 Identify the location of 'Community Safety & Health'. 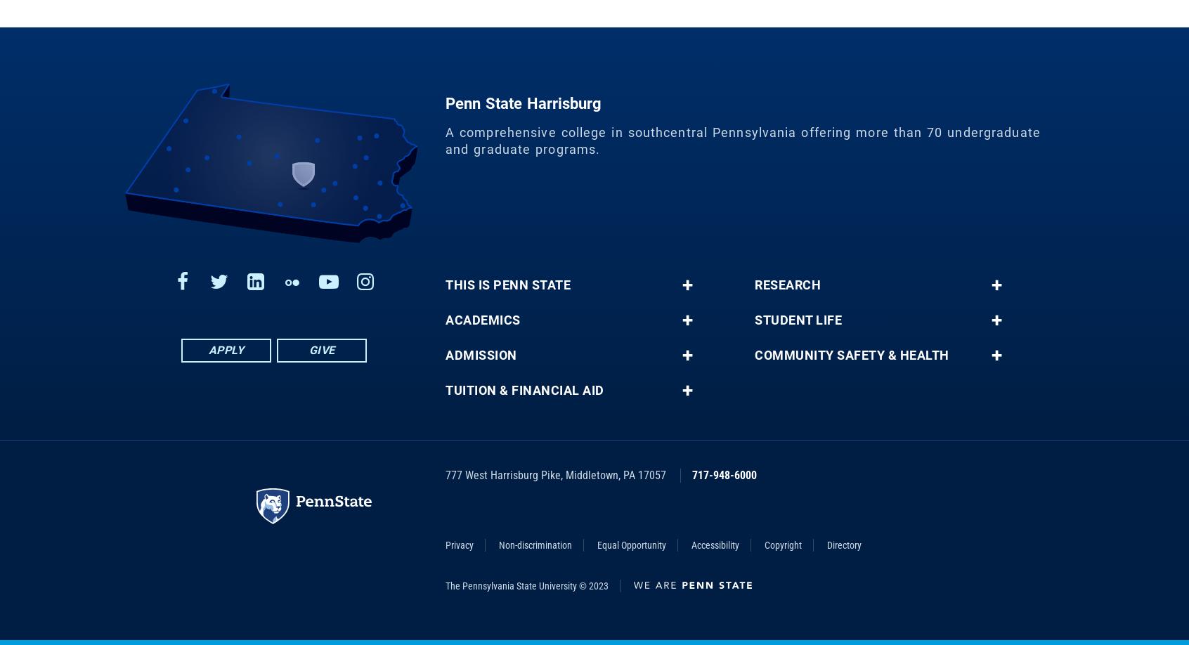
(851, 365).